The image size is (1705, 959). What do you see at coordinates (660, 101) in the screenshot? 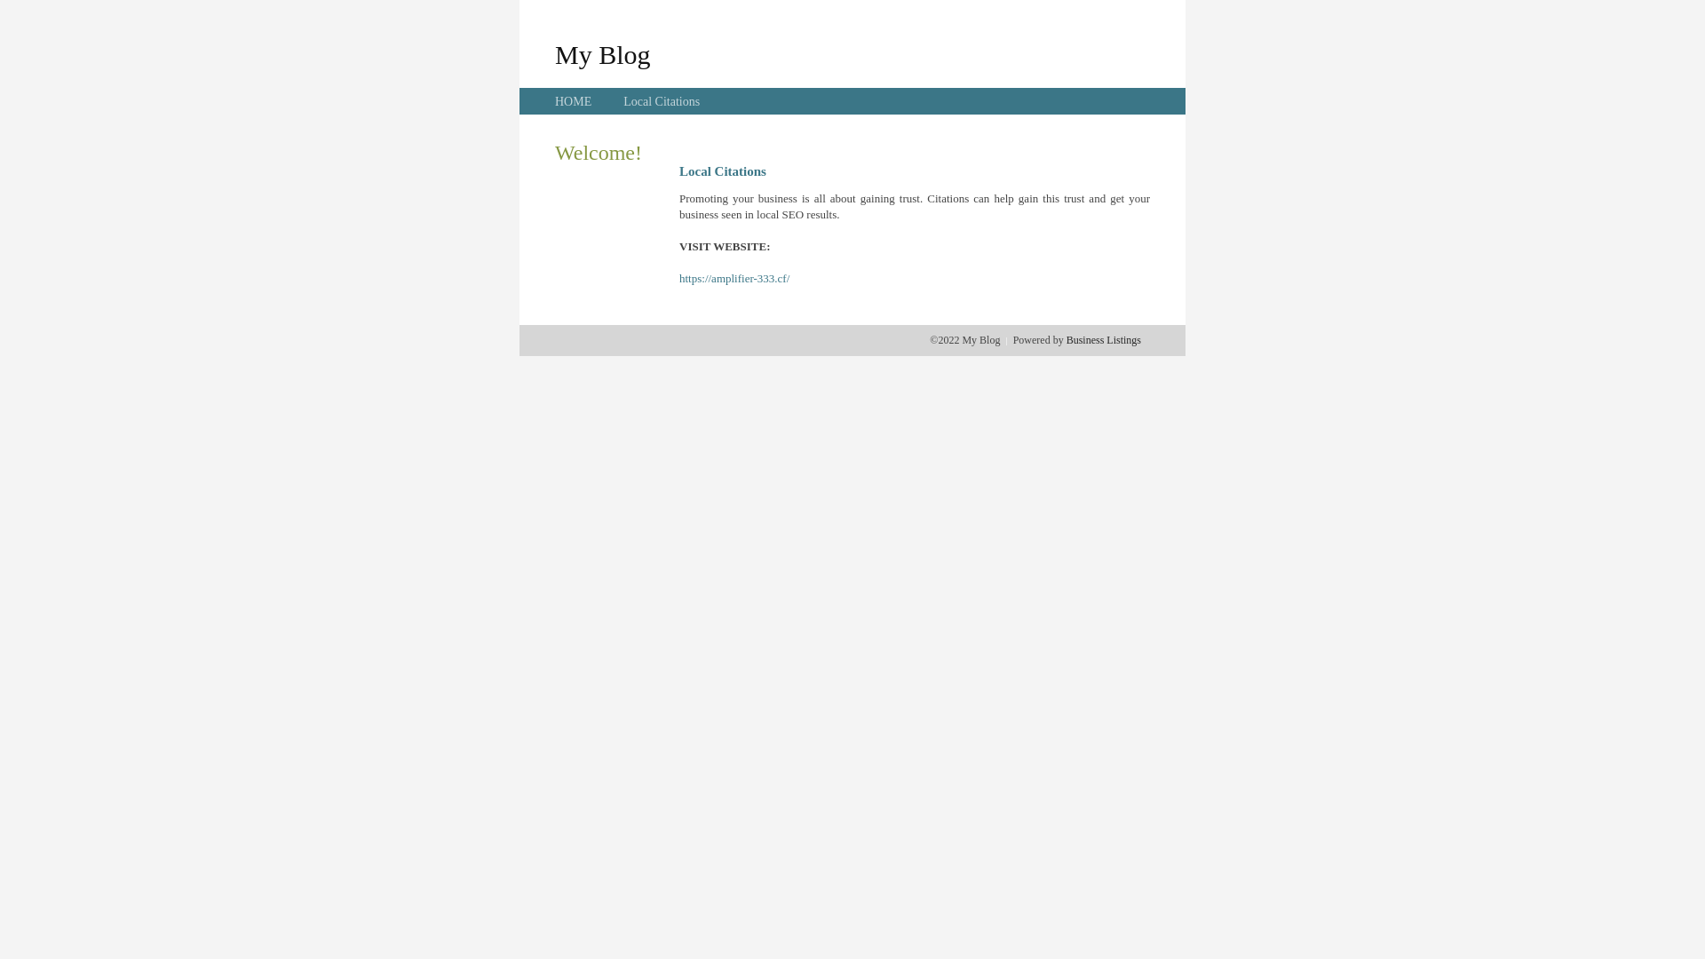
I see `'Local Citations'` at bounding box center [660, 101].